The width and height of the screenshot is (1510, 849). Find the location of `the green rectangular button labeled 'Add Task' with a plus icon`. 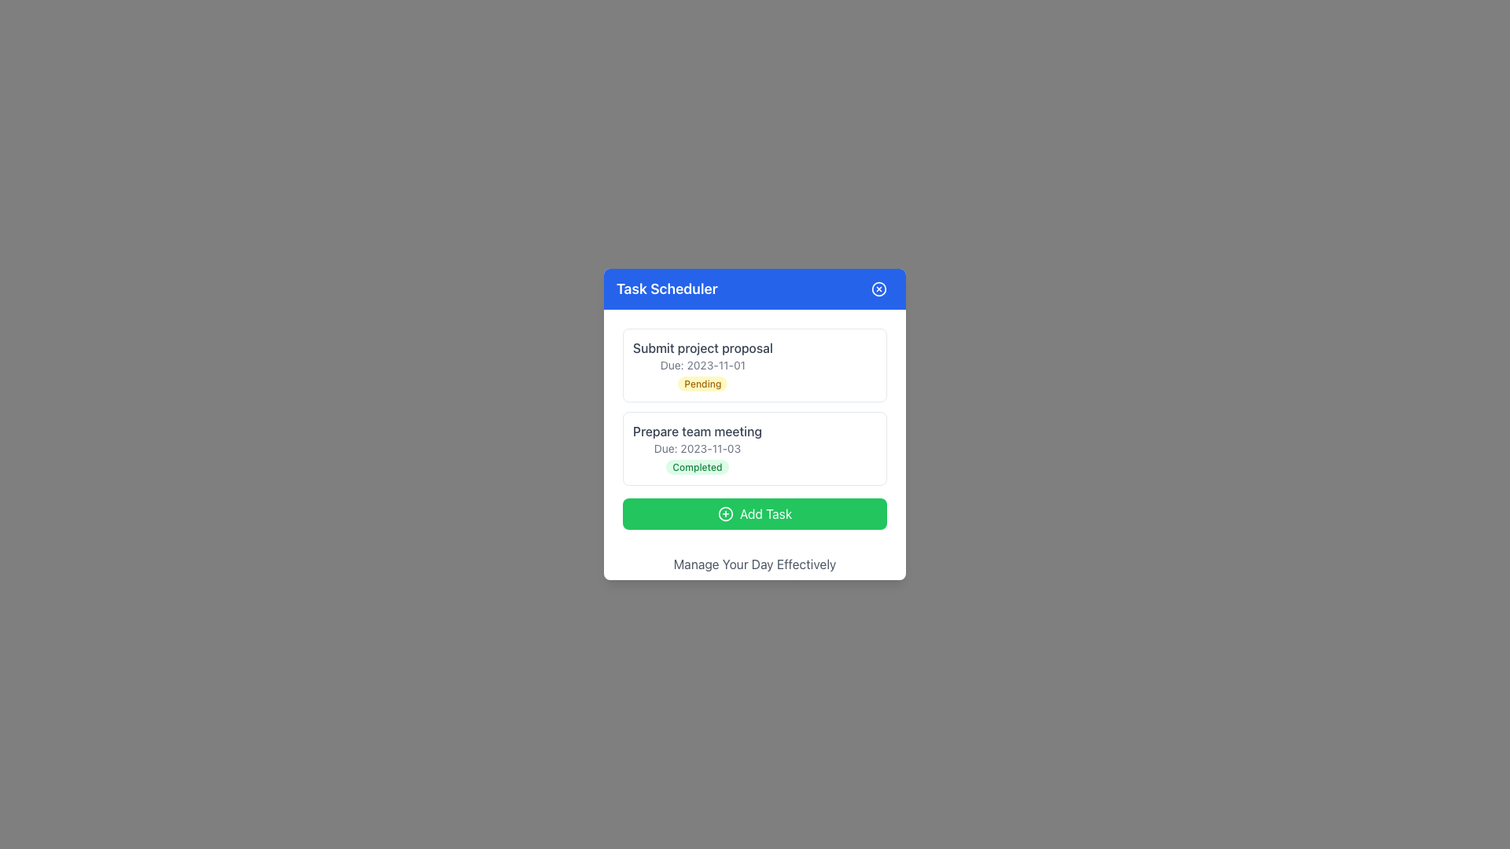

the green rectangular button labeled 'Add Task' with a plus icon is located at coordinates (755, 514).